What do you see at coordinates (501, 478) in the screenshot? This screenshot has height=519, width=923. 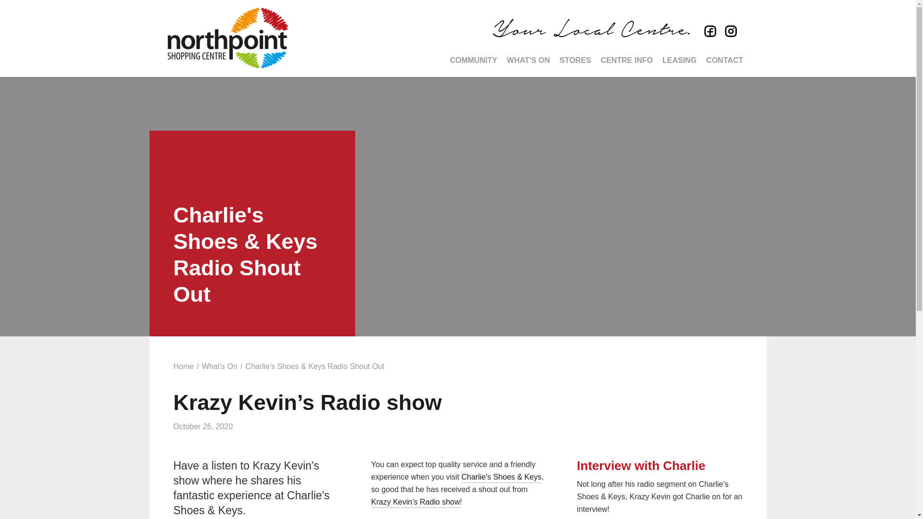 I see `'Charlie's Shoes & Keys'` at bounding box center [501, 478].